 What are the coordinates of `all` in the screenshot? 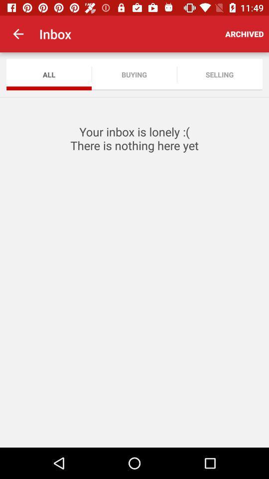 It's located at (48, 74).